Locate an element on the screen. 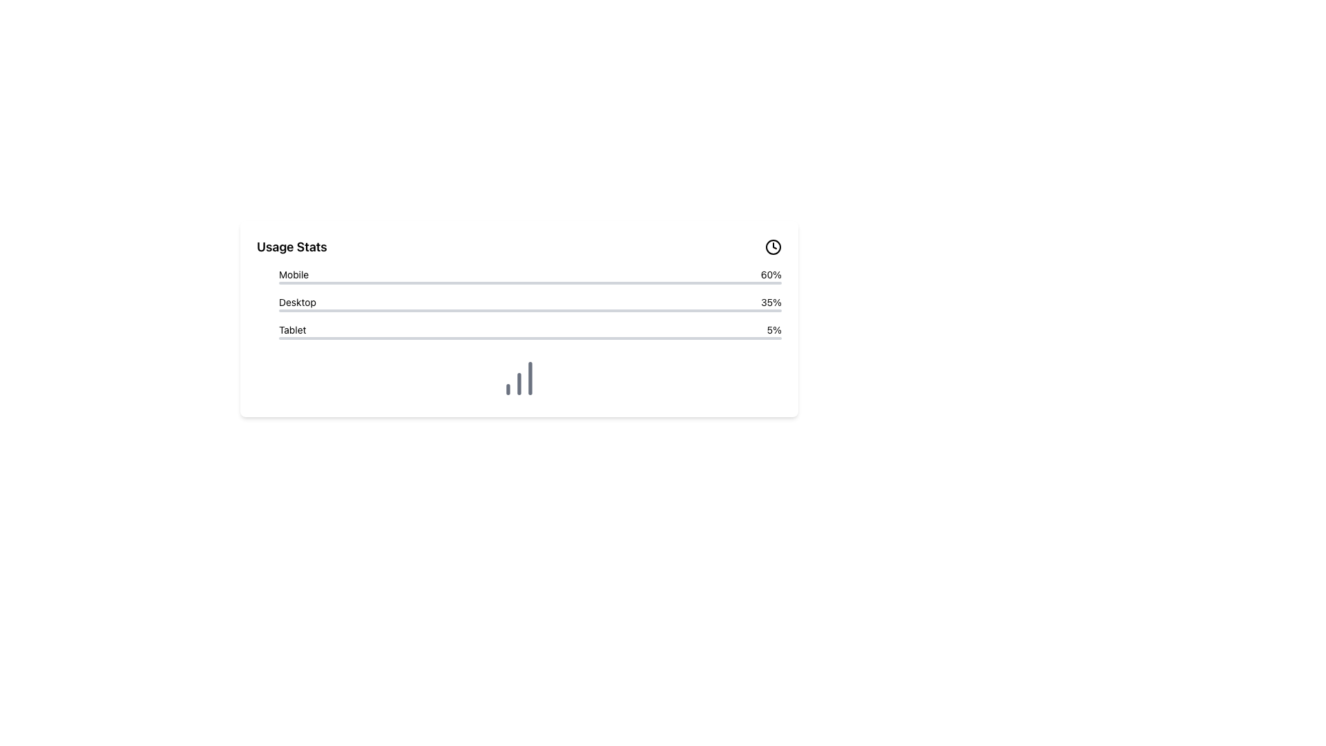  label that categorizes the associated data value, located at the left side of the row with the text '5%' appearing to its right is located at coordinates (291, 330).